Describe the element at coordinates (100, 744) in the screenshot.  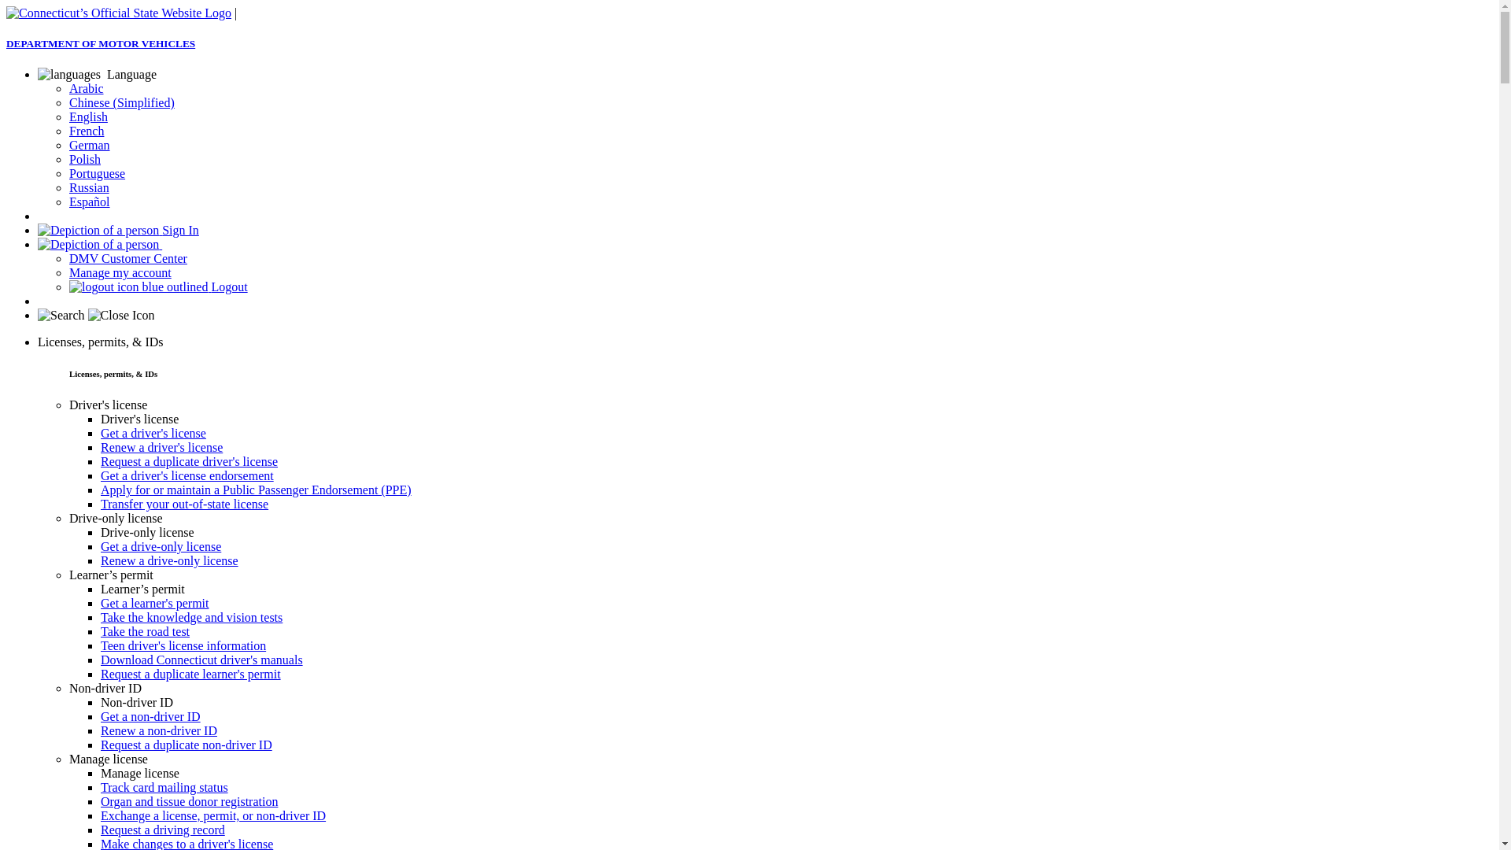
I see `'Request a duplicate non-driver ID'` at that location.